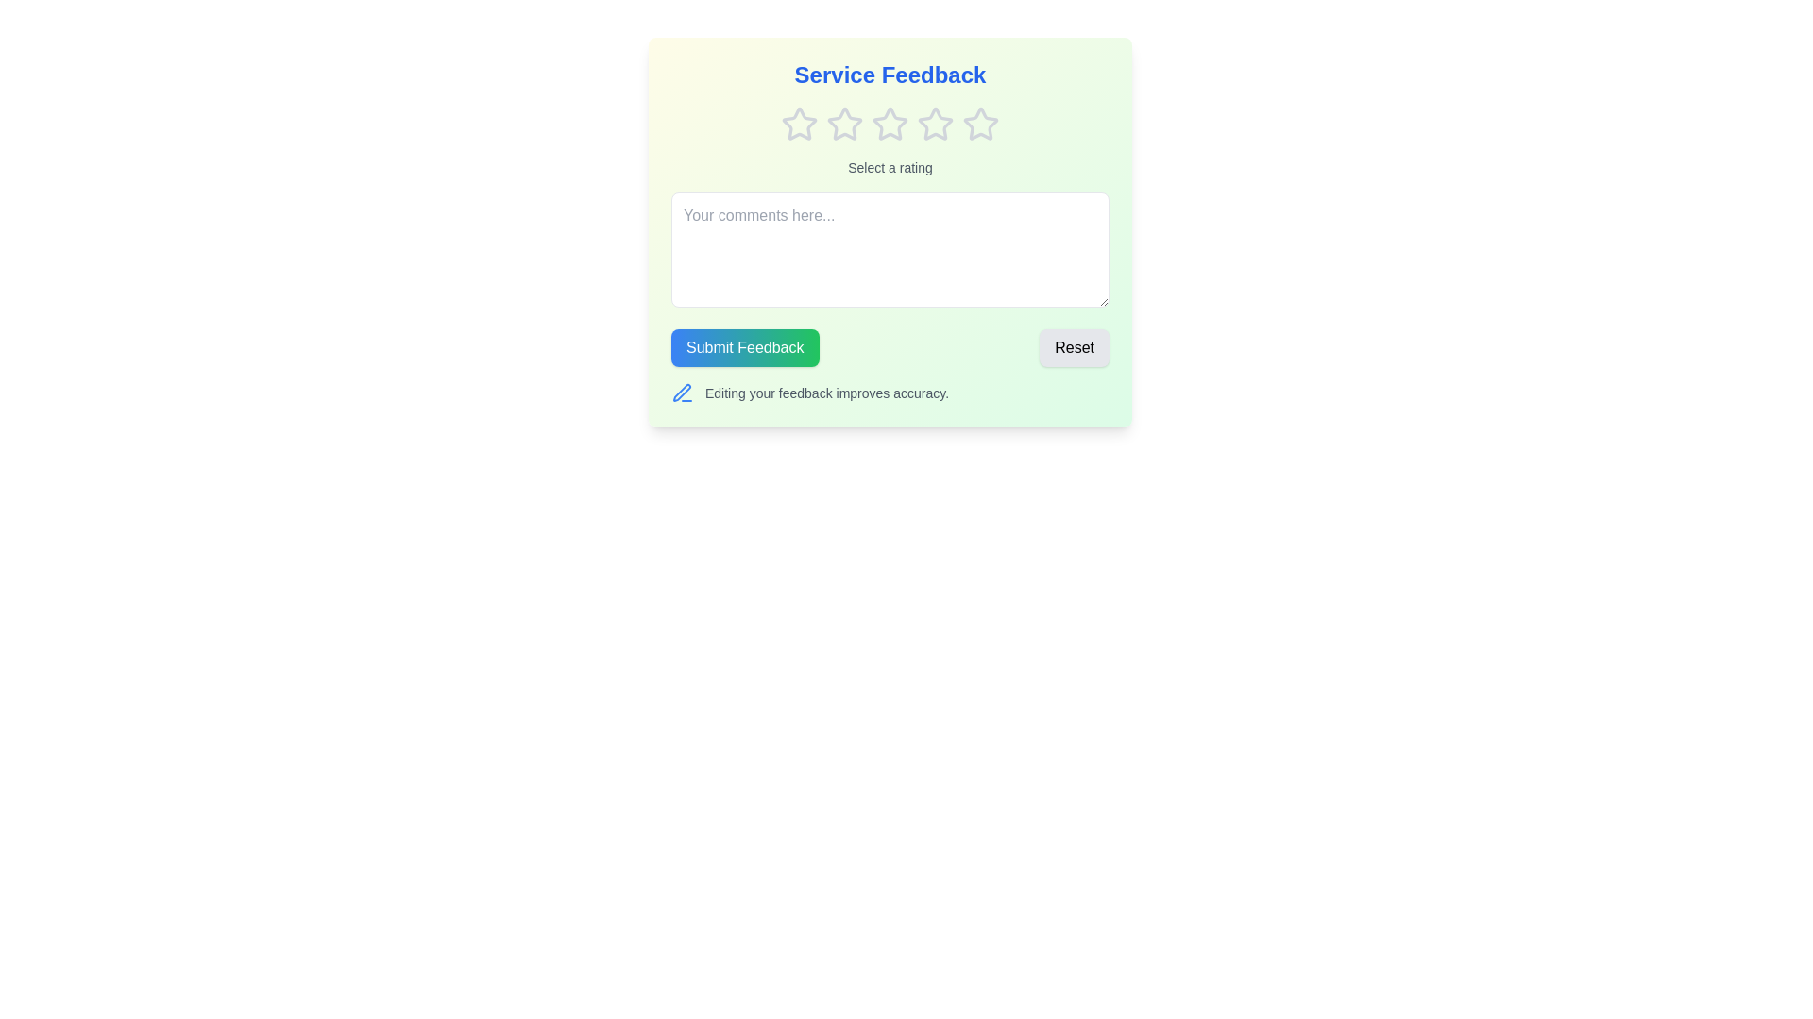 Image resolution: width=1813 pixels, height=1019 pixels. I want to click on the third star in the star rating icon for the 'Service Feedback' interface, so click(889, 124).